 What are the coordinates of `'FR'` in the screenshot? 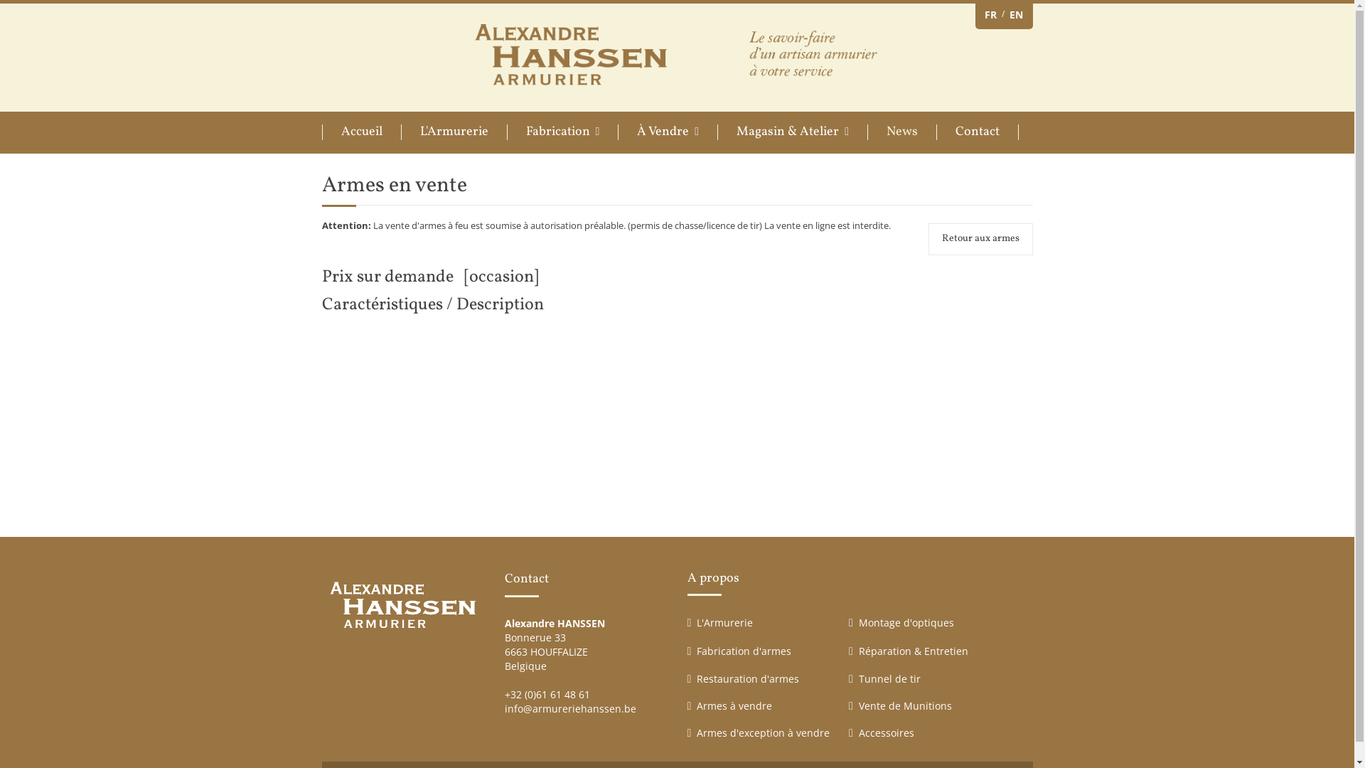 It's located at (989, 14).